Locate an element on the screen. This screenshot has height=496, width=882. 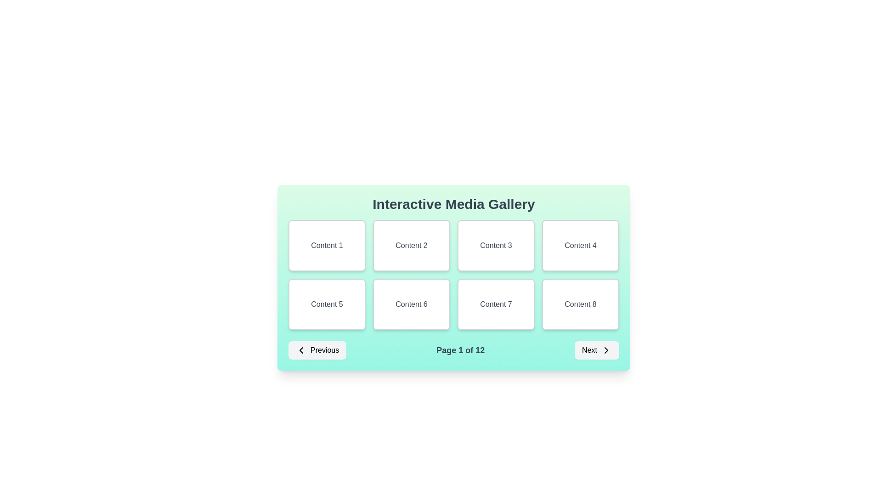
the Text display element that provides information about the current page and total number of pages, positioned between the 'Previous' and 'Next' buttons is located at coordinates (460, 350).